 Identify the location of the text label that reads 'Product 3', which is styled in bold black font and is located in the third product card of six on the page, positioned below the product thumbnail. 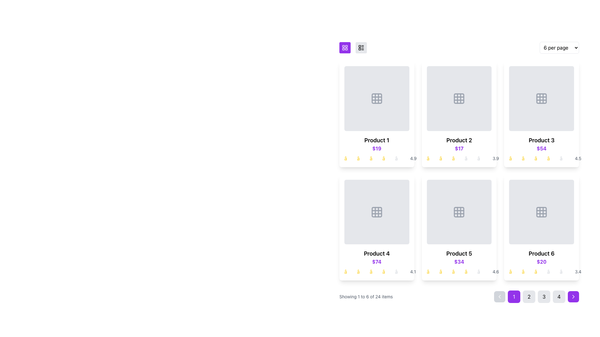
(541, 140).